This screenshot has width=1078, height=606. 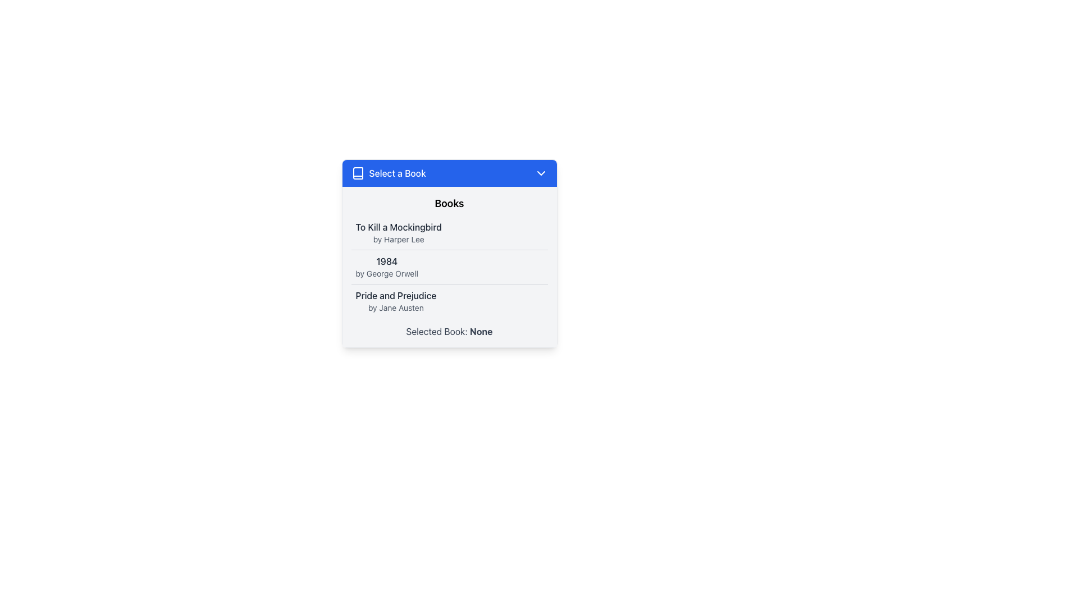 What do you see at coordinates (396, 295) in the screenshot?
I see `title of the book 'Pride and Prejudice' displayed as the third entry in the book list within the 'Books' section of the modal window` at bounding box center [396, 295].